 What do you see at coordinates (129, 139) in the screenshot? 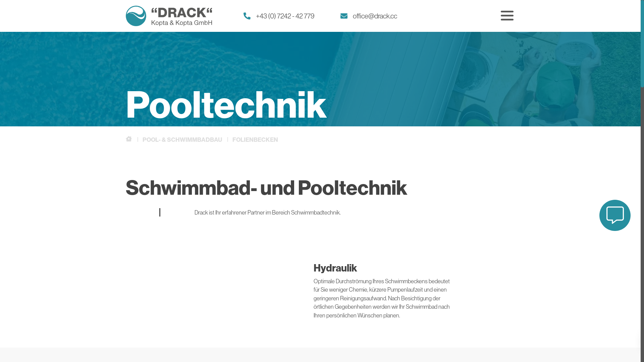
I see `'Startseite'` at bounding box center [129, 139].